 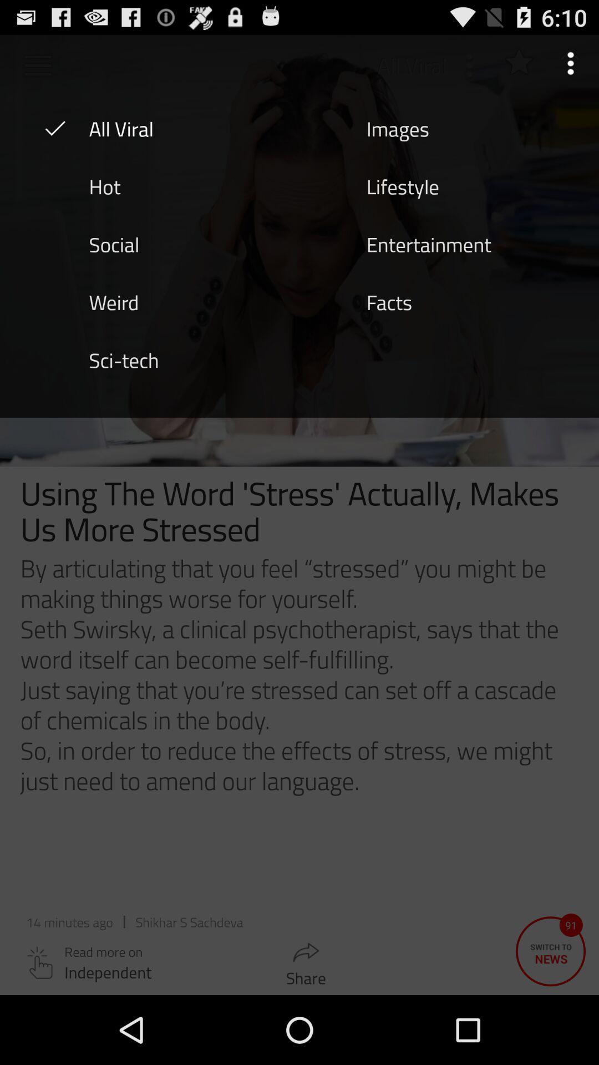 I want to click on sci-tech item, so click(x=124, y=359).